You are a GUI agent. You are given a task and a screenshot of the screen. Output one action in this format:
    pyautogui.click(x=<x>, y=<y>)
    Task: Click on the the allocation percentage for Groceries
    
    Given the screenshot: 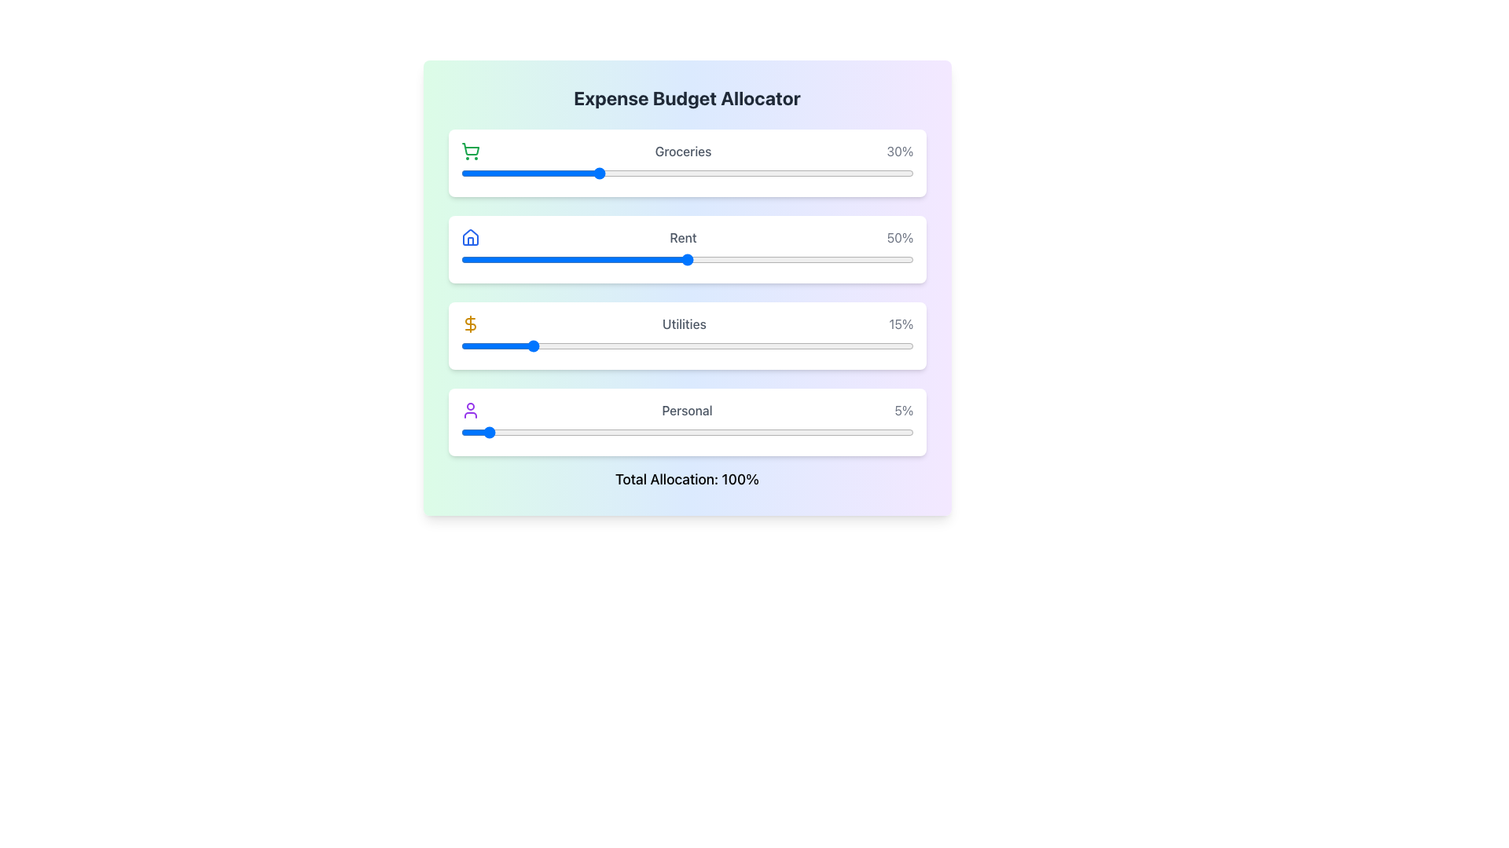 What is the action you would take?
    pyautogui.click(x=696, y=173)
    